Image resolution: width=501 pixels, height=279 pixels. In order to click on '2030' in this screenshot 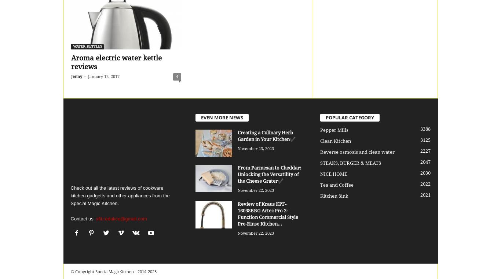, I will do `click(425, 173)`.